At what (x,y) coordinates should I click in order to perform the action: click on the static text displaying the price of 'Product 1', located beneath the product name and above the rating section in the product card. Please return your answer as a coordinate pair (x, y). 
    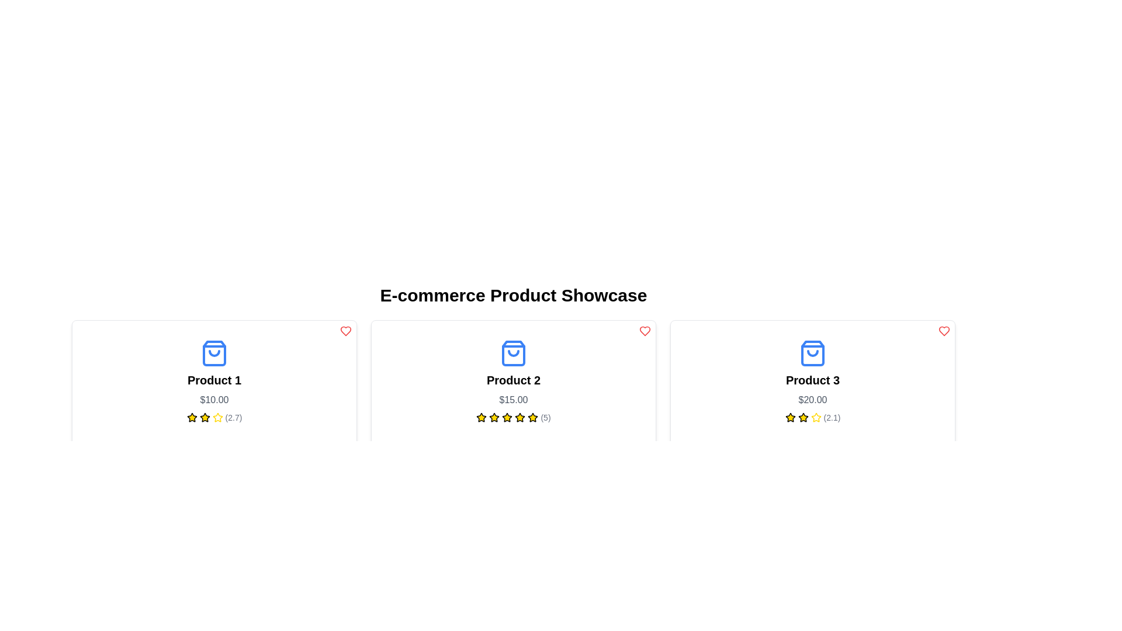
    Looking at the image, I should click on (214, 400).